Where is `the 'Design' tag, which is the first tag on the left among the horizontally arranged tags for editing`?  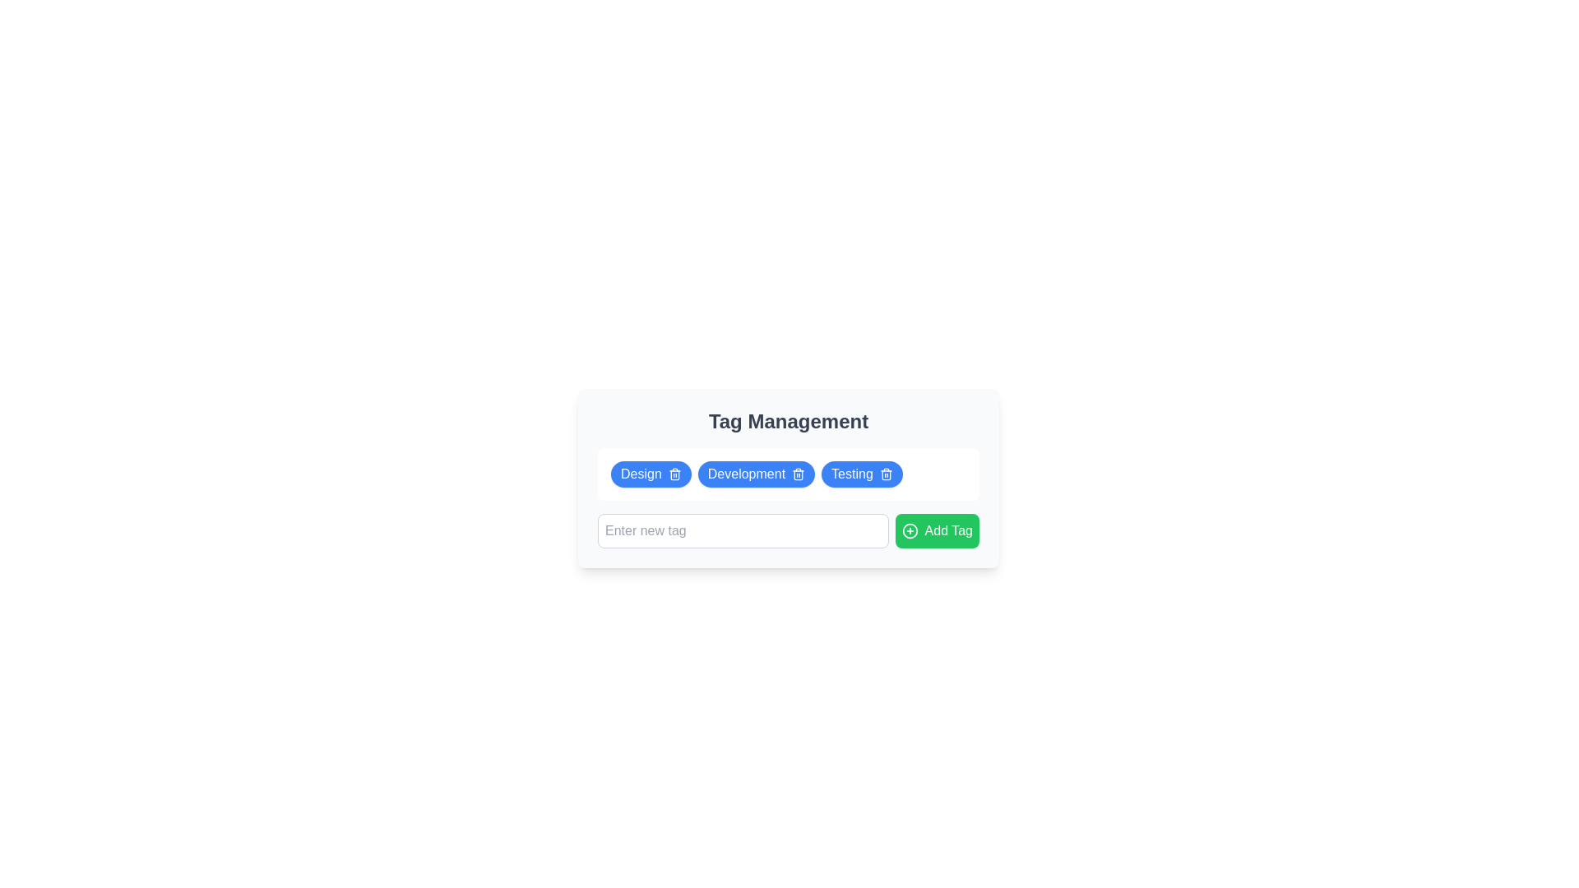 the 'Design' tag, which is the first tag on the left among the horizontally arranged tags for editing is located at coordinates (651, 474).